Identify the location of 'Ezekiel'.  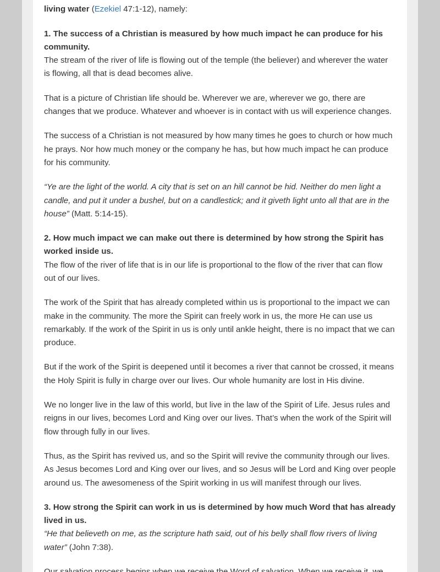
(107, 8).